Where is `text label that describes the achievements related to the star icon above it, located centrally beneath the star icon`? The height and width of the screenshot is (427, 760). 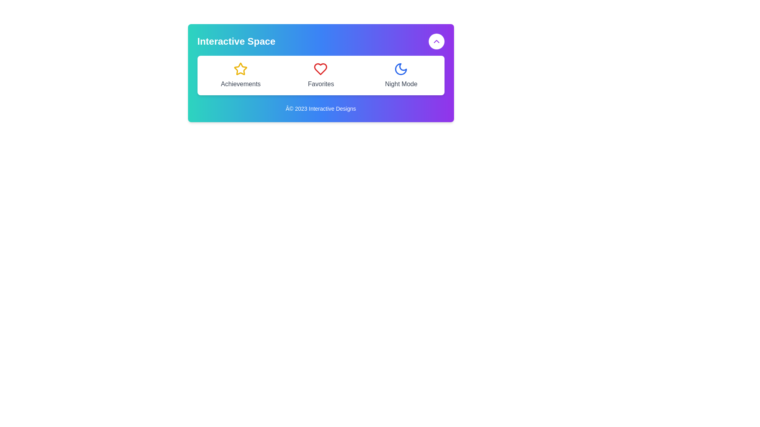
text label that describes the achievements related to the star icon above it, located centrally beneath the star icon is located at coordinates (240, 84).